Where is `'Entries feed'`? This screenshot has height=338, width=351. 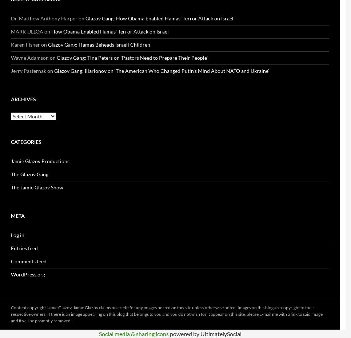
'Entries feed' is located at coordinates (11, 248).